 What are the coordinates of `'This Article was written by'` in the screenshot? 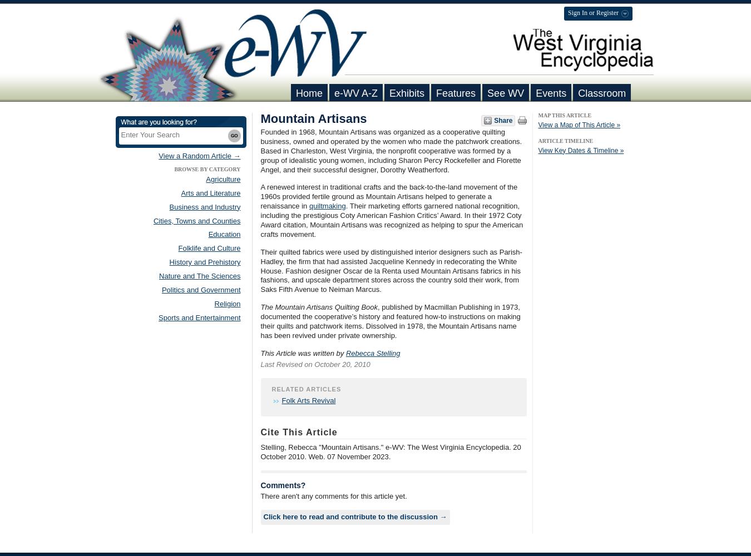 It's located at (302, 353).